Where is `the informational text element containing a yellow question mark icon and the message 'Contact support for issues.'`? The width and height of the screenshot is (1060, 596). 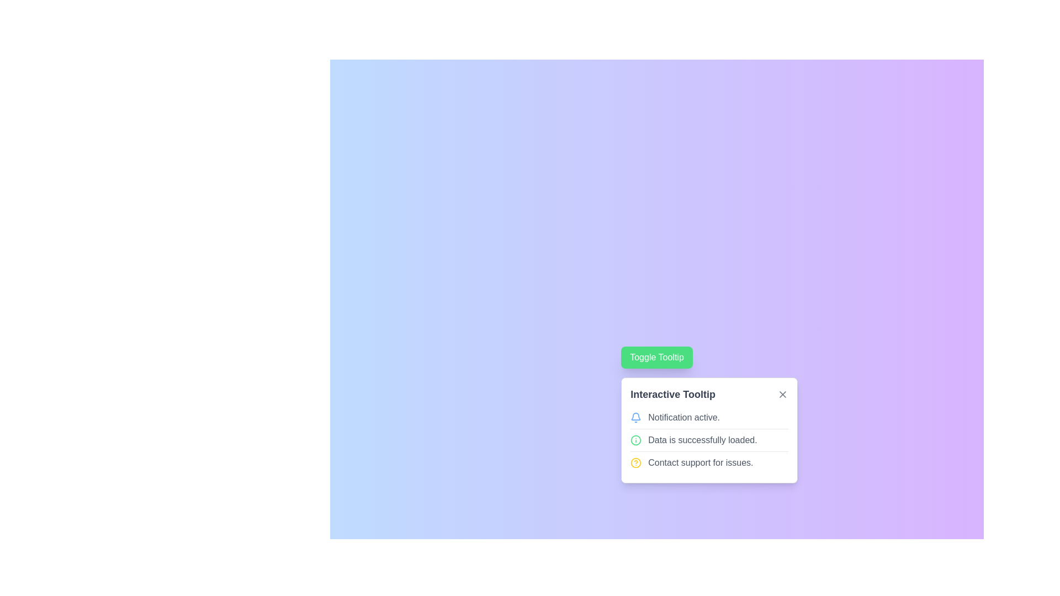 the informational text element containing a yellow question mark icon and the message 'Contact support for issues.' is located at coordinates (709, 462).